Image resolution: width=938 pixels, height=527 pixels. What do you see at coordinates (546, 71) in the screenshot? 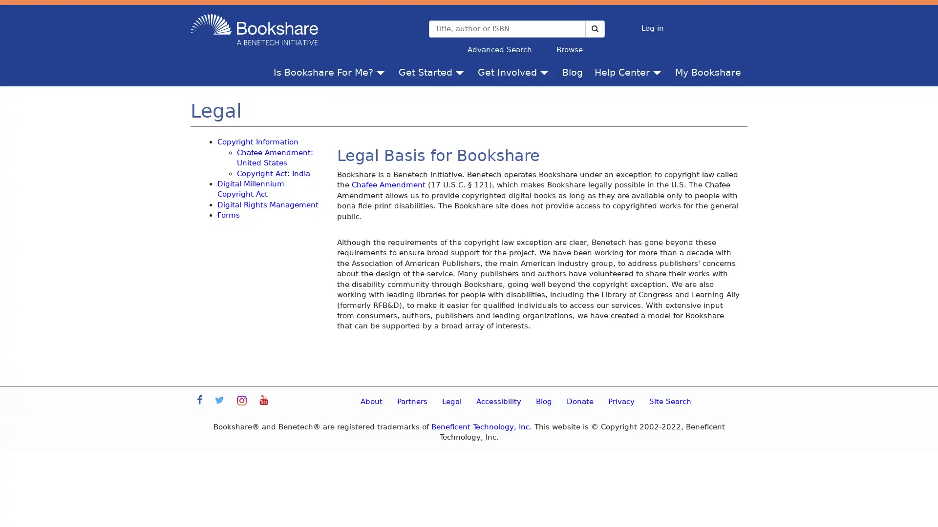
I see `Get Involved menu` at bounding box center [546, 71].